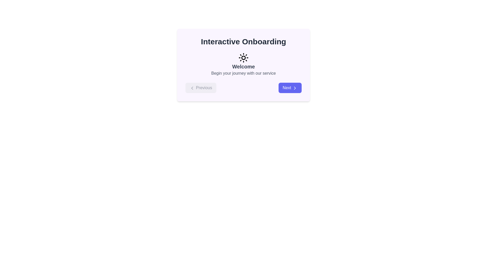 The height and width of the screenshot is (280, 498). Describe the element at coordinates (243, 58) in the screenshot. I see `the central circle of the sun-like icon located above the 'Welcome' text and below the 'Interactive Onboarding' title in the onboarding card` at that location.